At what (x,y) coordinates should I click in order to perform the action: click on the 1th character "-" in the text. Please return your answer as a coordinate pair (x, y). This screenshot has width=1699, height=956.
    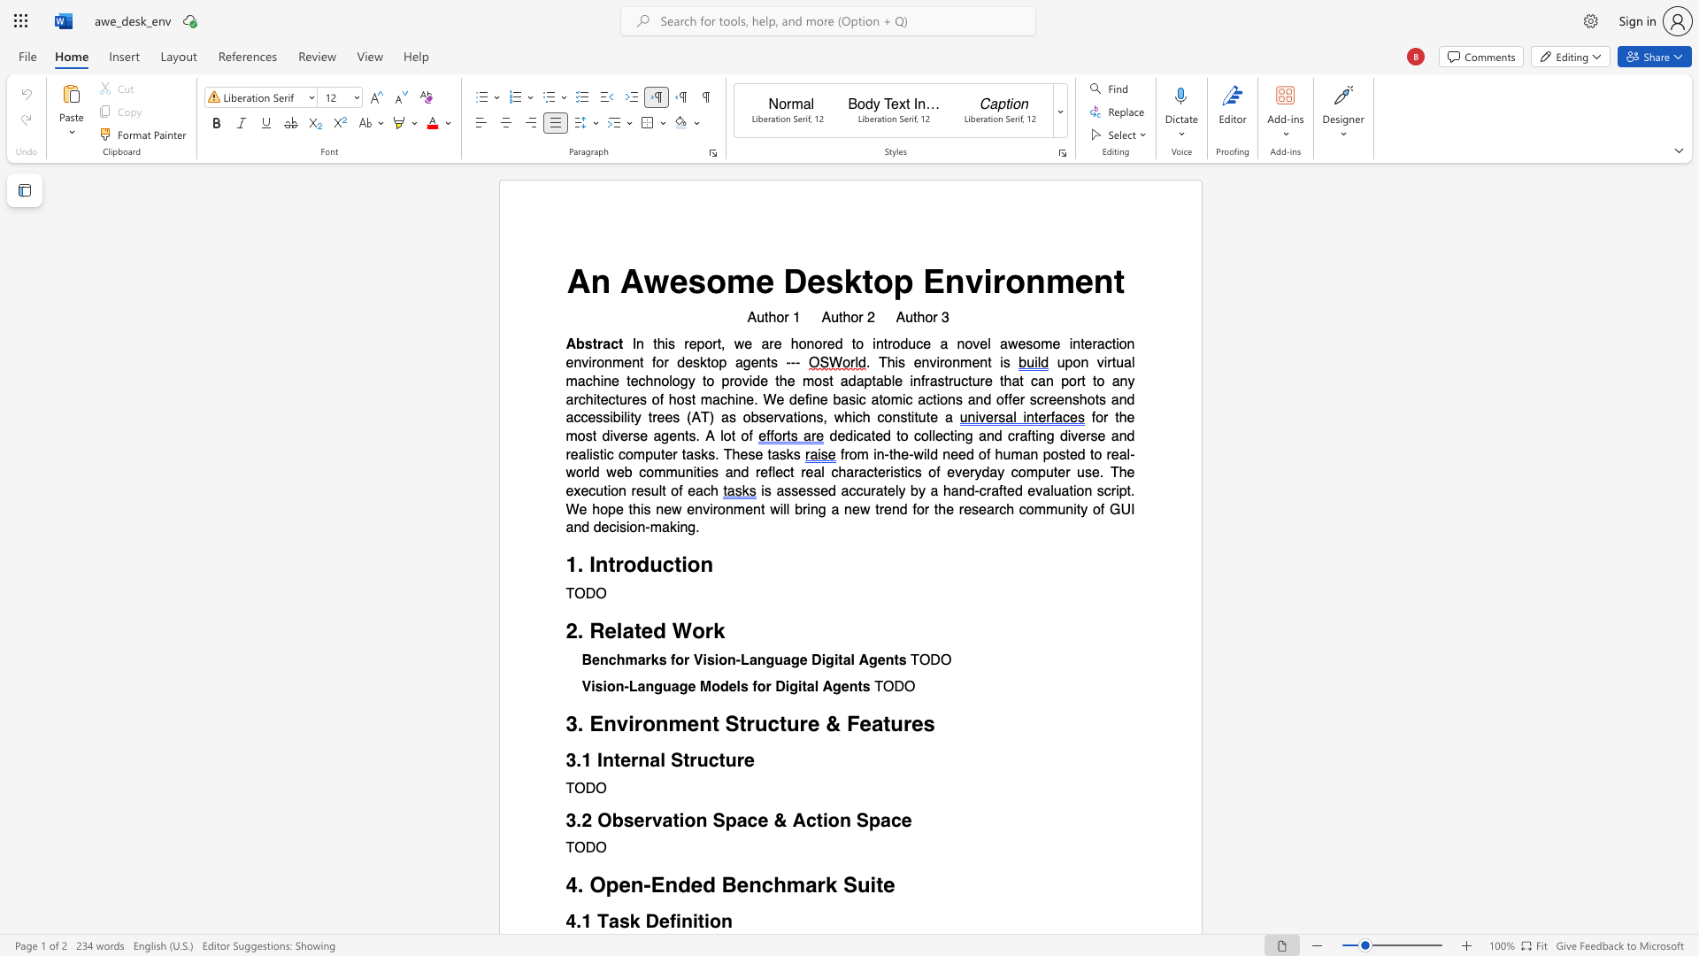
    Looking at the image, I should click on (976, 491).